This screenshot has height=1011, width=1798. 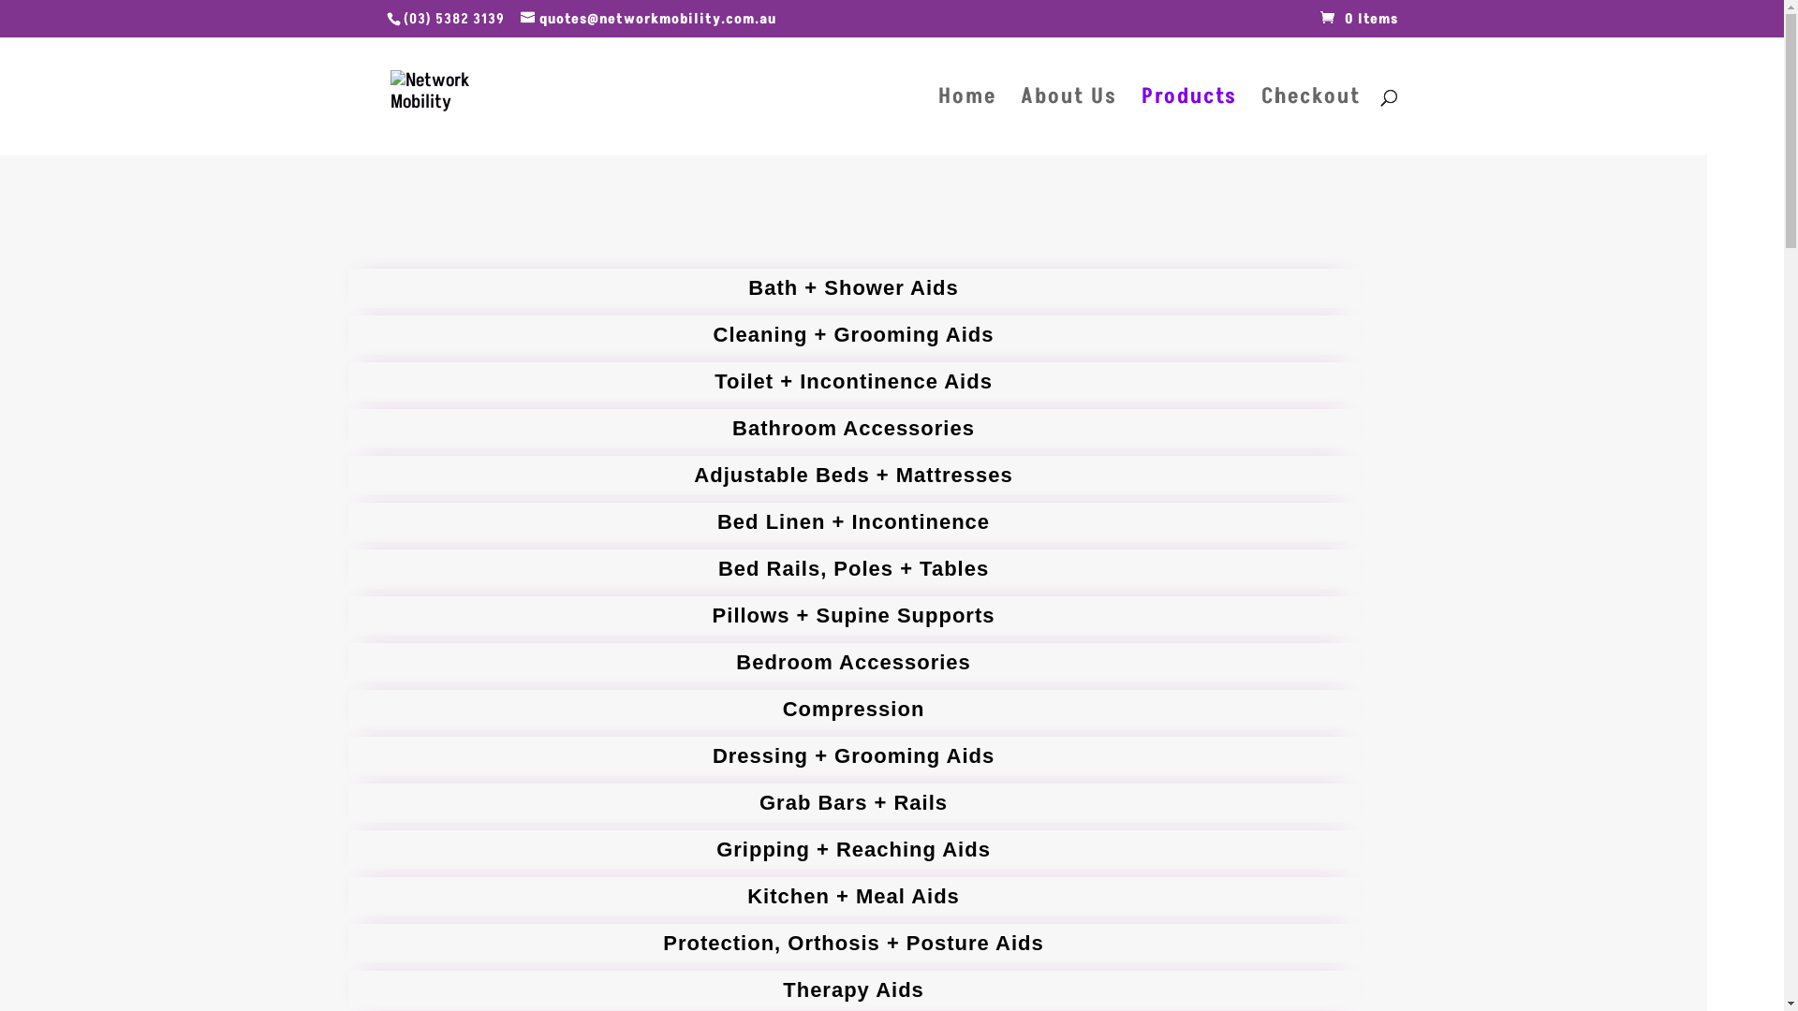 I want to click on 'Bath + Shower Aids', so click(x=853, y=288).